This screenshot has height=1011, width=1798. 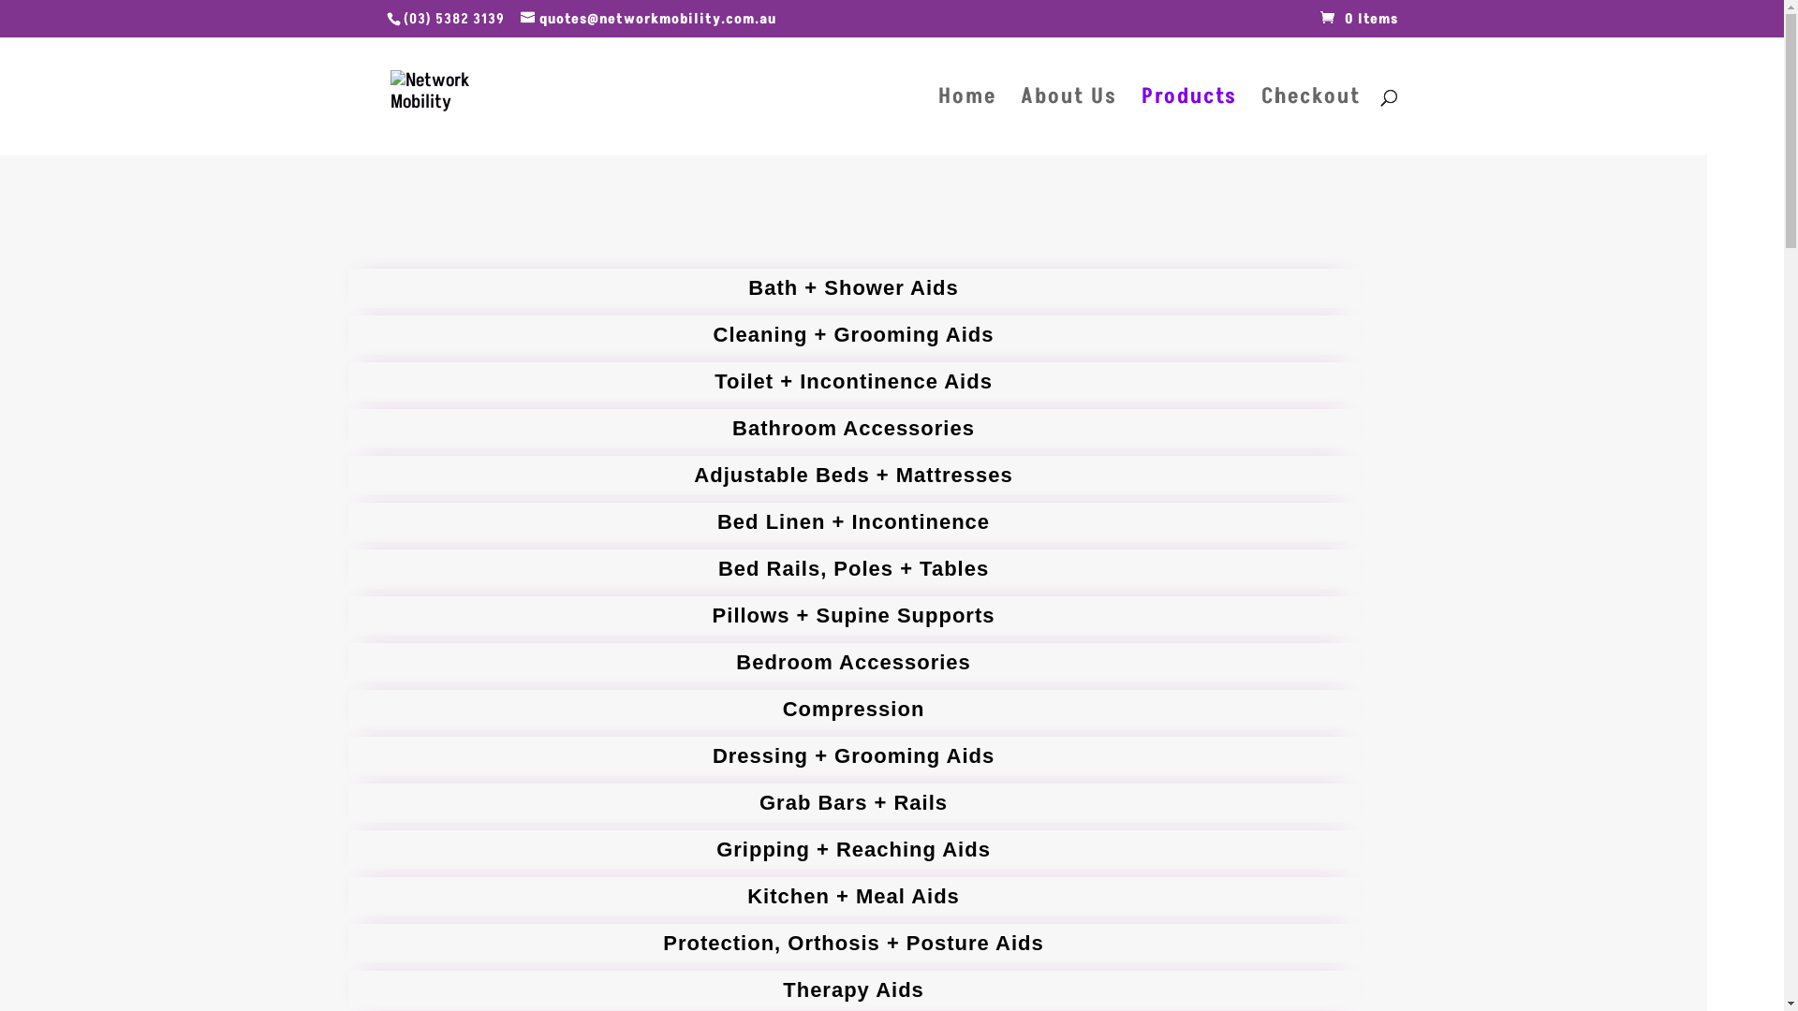 I want to click on 'Bath + Shower Aids', so click(x=853, y=288).